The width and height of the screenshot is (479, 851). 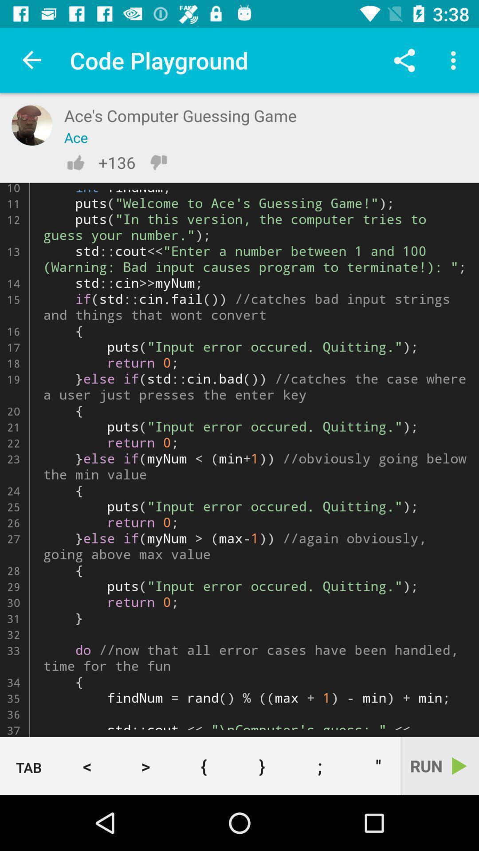 I want to click on like the code, so click(x=75, y=162).